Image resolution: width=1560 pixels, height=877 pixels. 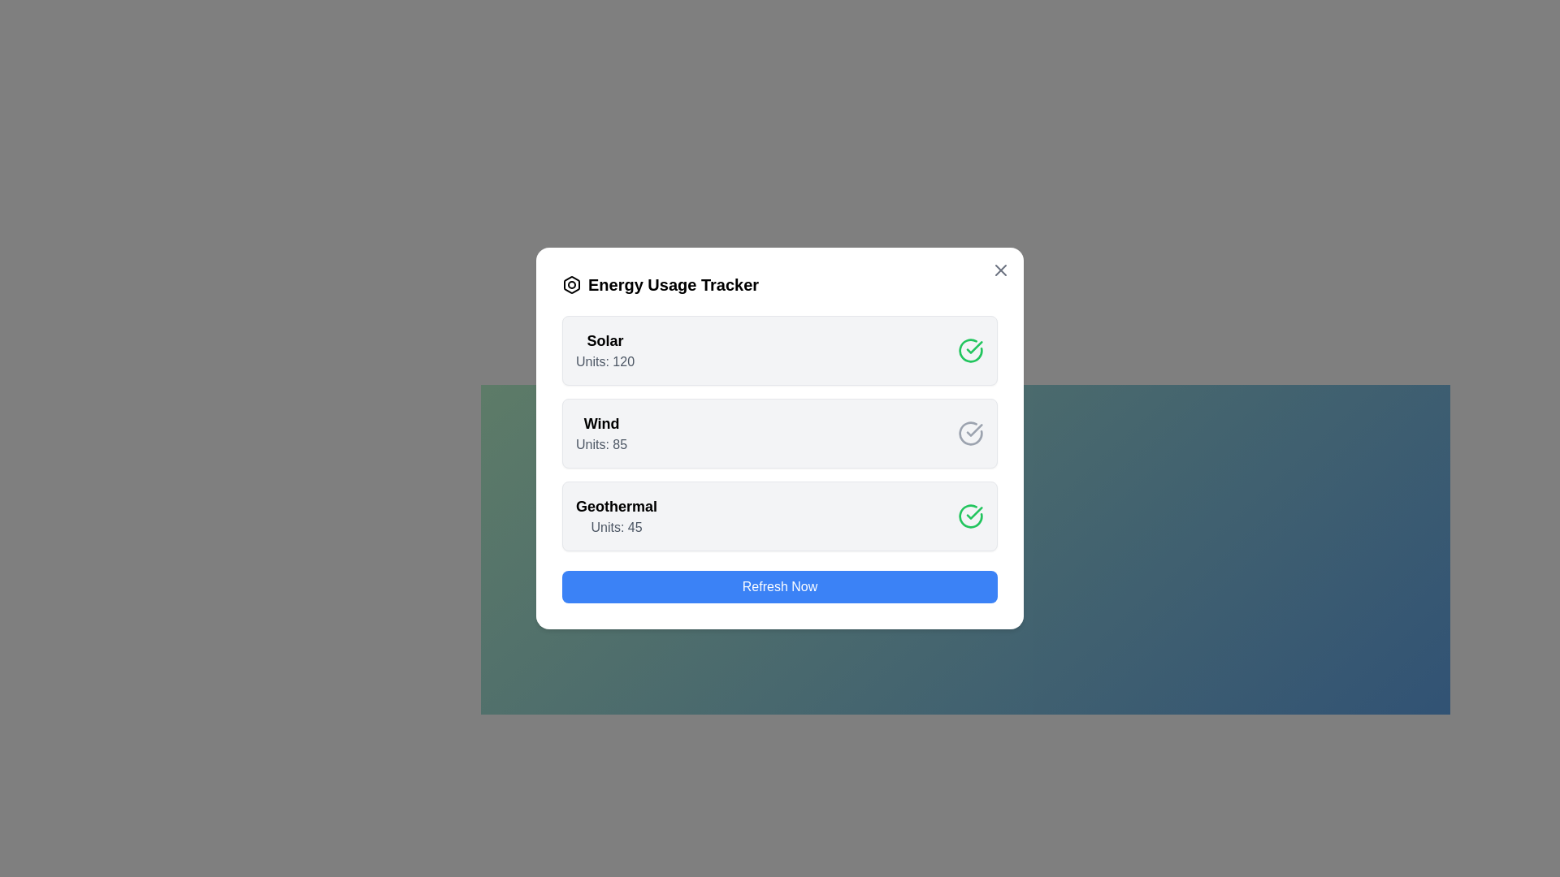 What do you see at coordinates (615, 528) in the screenshot?
I see `the static text label displaying 'Units: 45' located below the 'Geothermal' text in the interface` at bounding box center [615, 528].